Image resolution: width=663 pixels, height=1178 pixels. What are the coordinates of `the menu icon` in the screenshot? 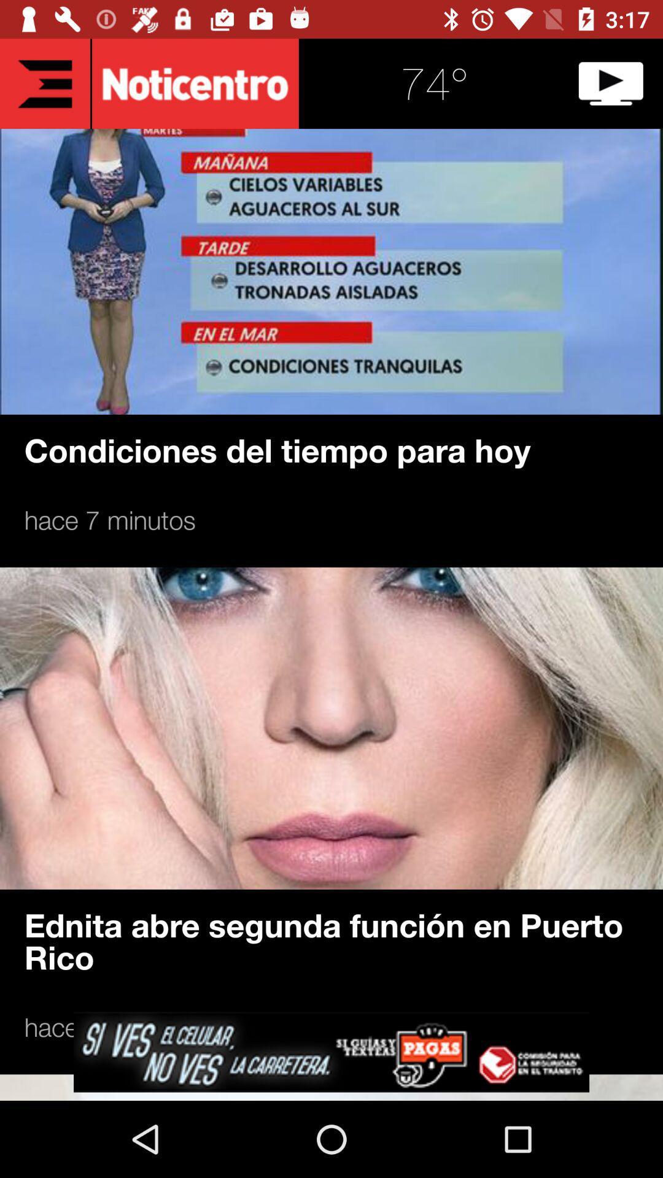 It's located at (44, 83).